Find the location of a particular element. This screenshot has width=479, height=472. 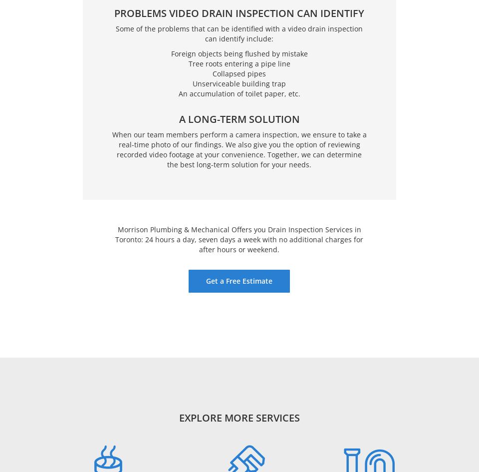

'Tree roots entering a pipe line' is located at coordinates (239, 62).